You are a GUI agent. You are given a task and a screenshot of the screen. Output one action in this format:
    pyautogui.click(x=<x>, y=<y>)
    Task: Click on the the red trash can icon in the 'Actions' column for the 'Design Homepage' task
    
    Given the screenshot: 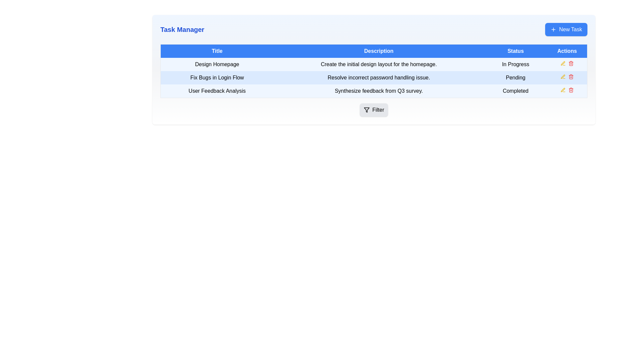 What is the action you would take?
    pyautogui.click(x=570, y=63)
    